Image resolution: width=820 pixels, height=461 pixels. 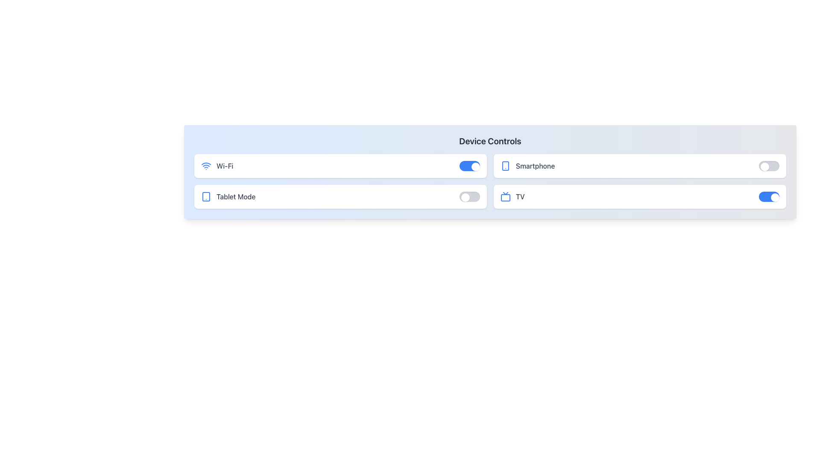 I want to click on the decorative graphic element, which is a white-filled rectangle with rounded corners inside the tablet icon, located in the second row of the Device Controls panel, so click(x=206, y=197).